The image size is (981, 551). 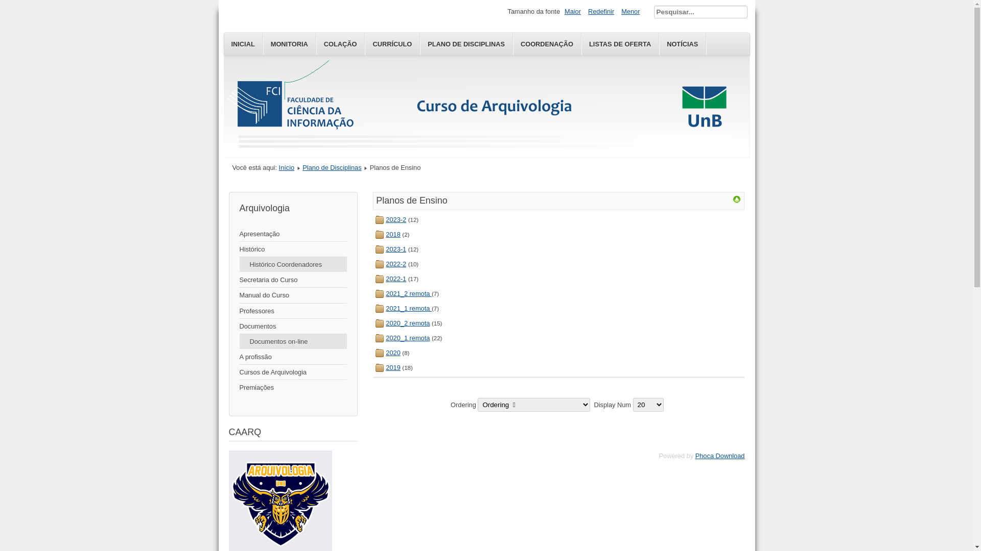 I want to click on 'Redefinir', so click(x=586, y=11).